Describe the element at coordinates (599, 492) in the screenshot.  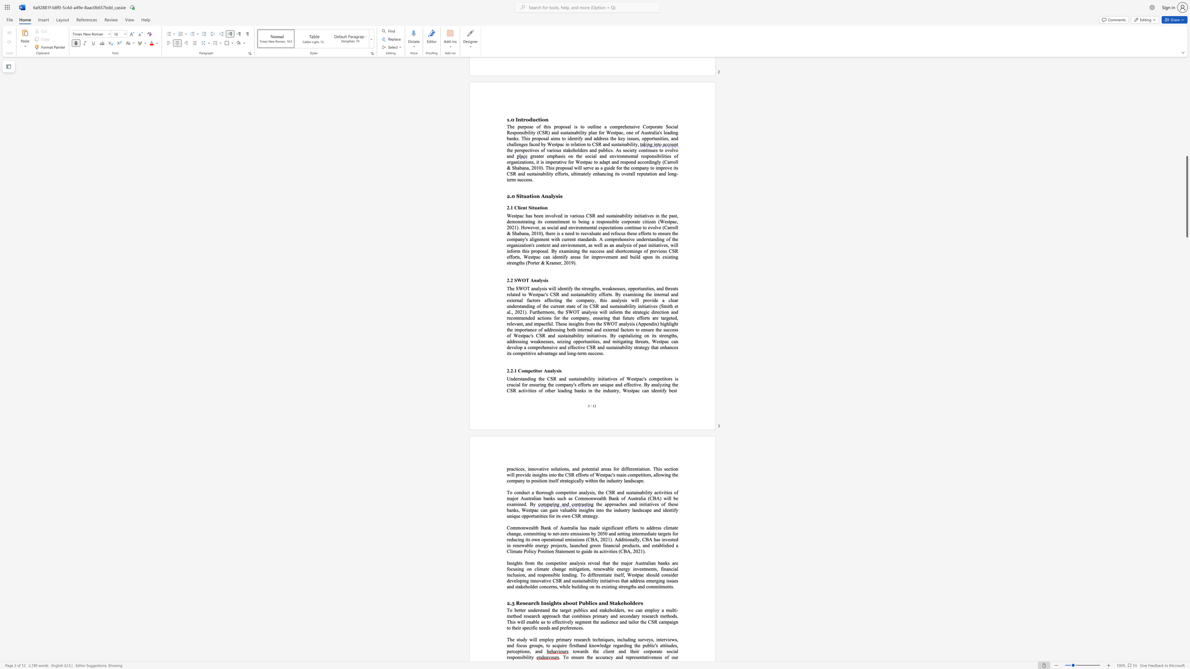
I see `the subset text "he CSR and sustainability activities of major Australian banks such as Commonwealth Bank of Australia (CBA) will" within the text "To conduct a thorough competitor analysis, the CSR and sustainability activities of major Australian banks such as Commonwealth Bank of Australia (CBA) will be examined. By"` at that location.